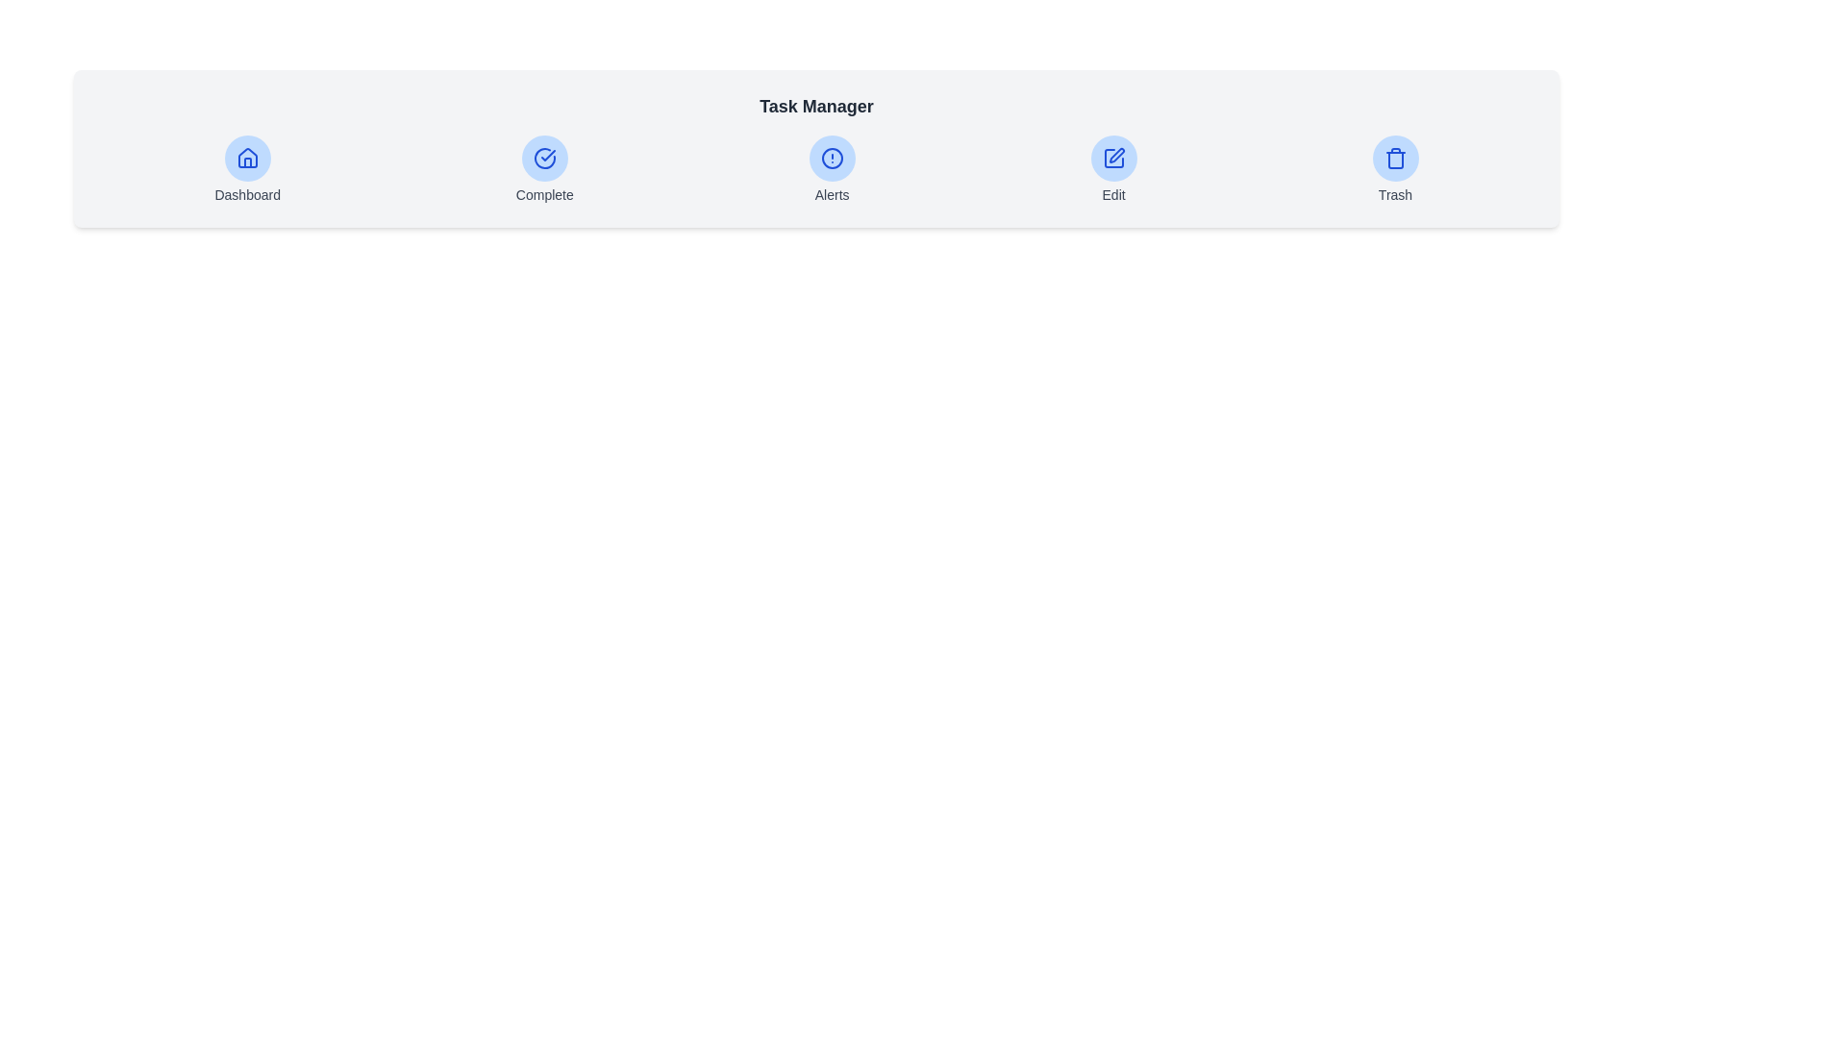 This screenshot has width=1846, height=1038. I want to click on the house-shaped icon button with a blue stroke color located in the top-left corner of the navigation toolbar, so click(246, 158).